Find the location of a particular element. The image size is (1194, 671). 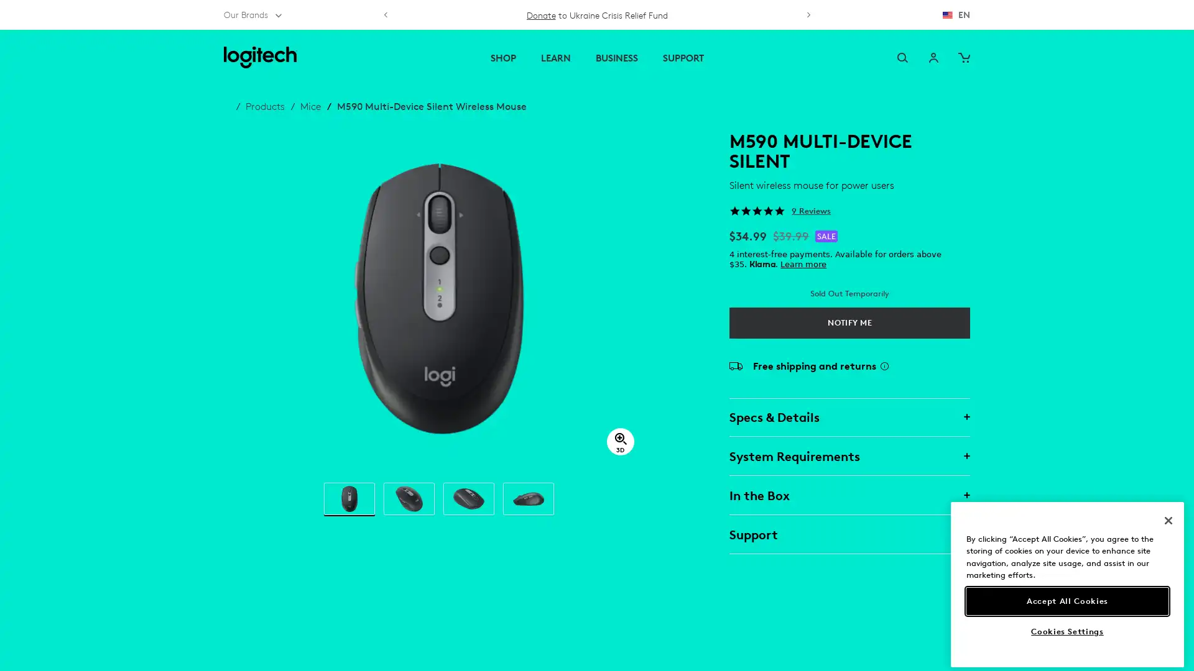

System Requirements is located at coordinates (849, 457).